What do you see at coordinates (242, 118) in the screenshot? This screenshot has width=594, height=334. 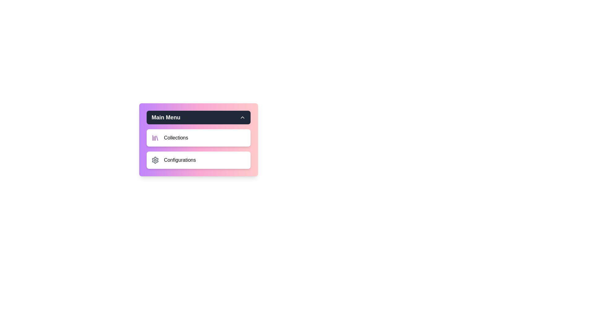 I see `the small upward-pointing chevron icon located on the right side of the 'Main Menu' section's header` at bounding box center [242, 118].